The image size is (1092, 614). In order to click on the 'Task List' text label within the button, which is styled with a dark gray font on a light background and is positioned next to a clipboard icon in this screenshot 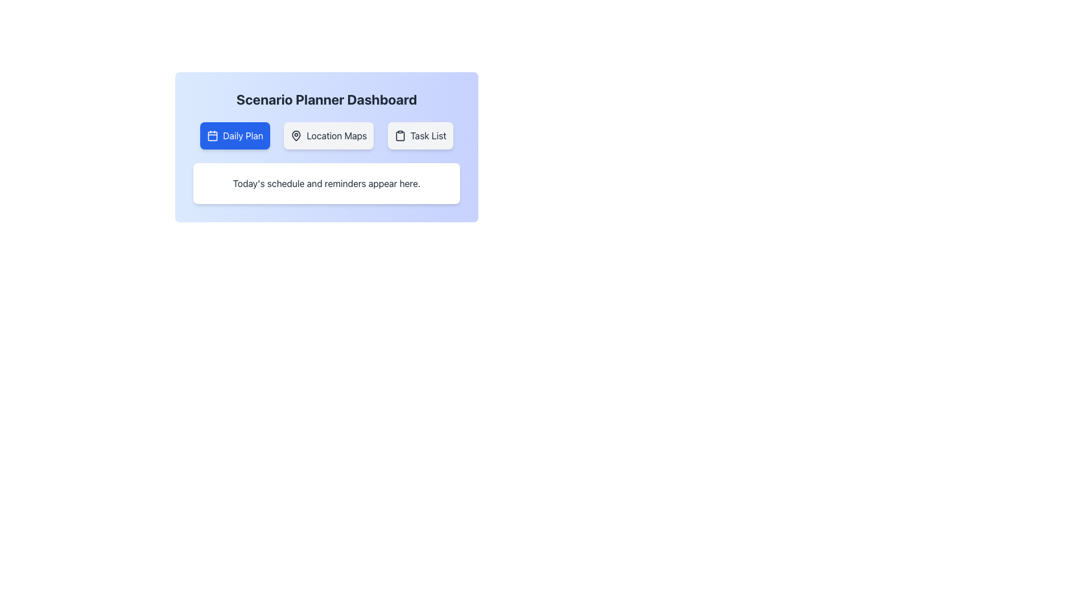, I will do `click(428, 135)`.